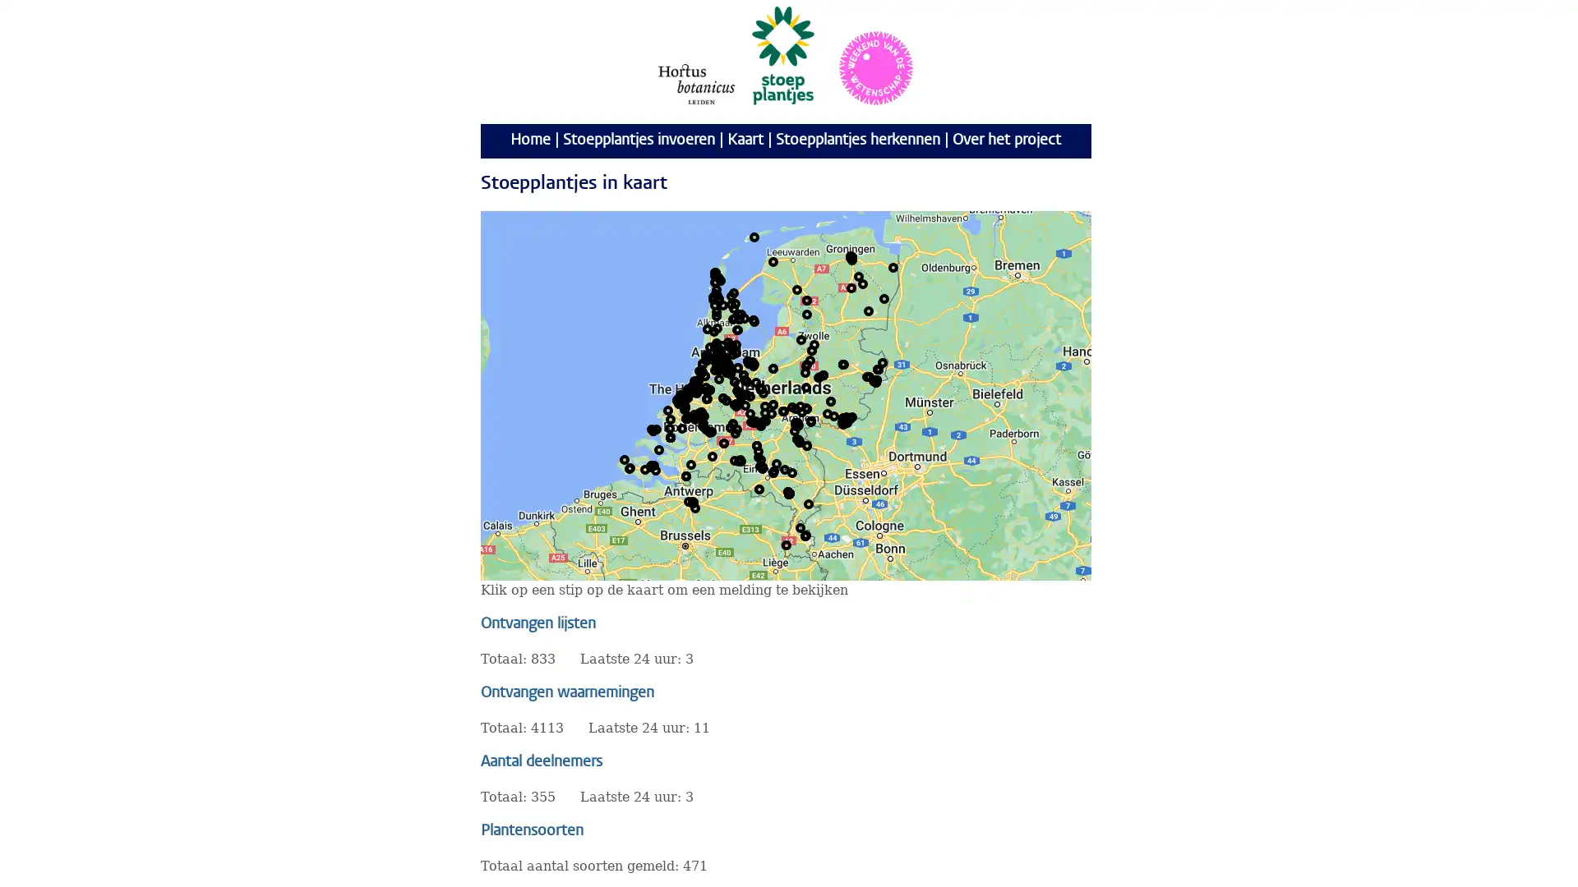 This screenshot has height=887, width=1578. I want to click on Telling van op 10 oktober 2021, so click(730, 294).